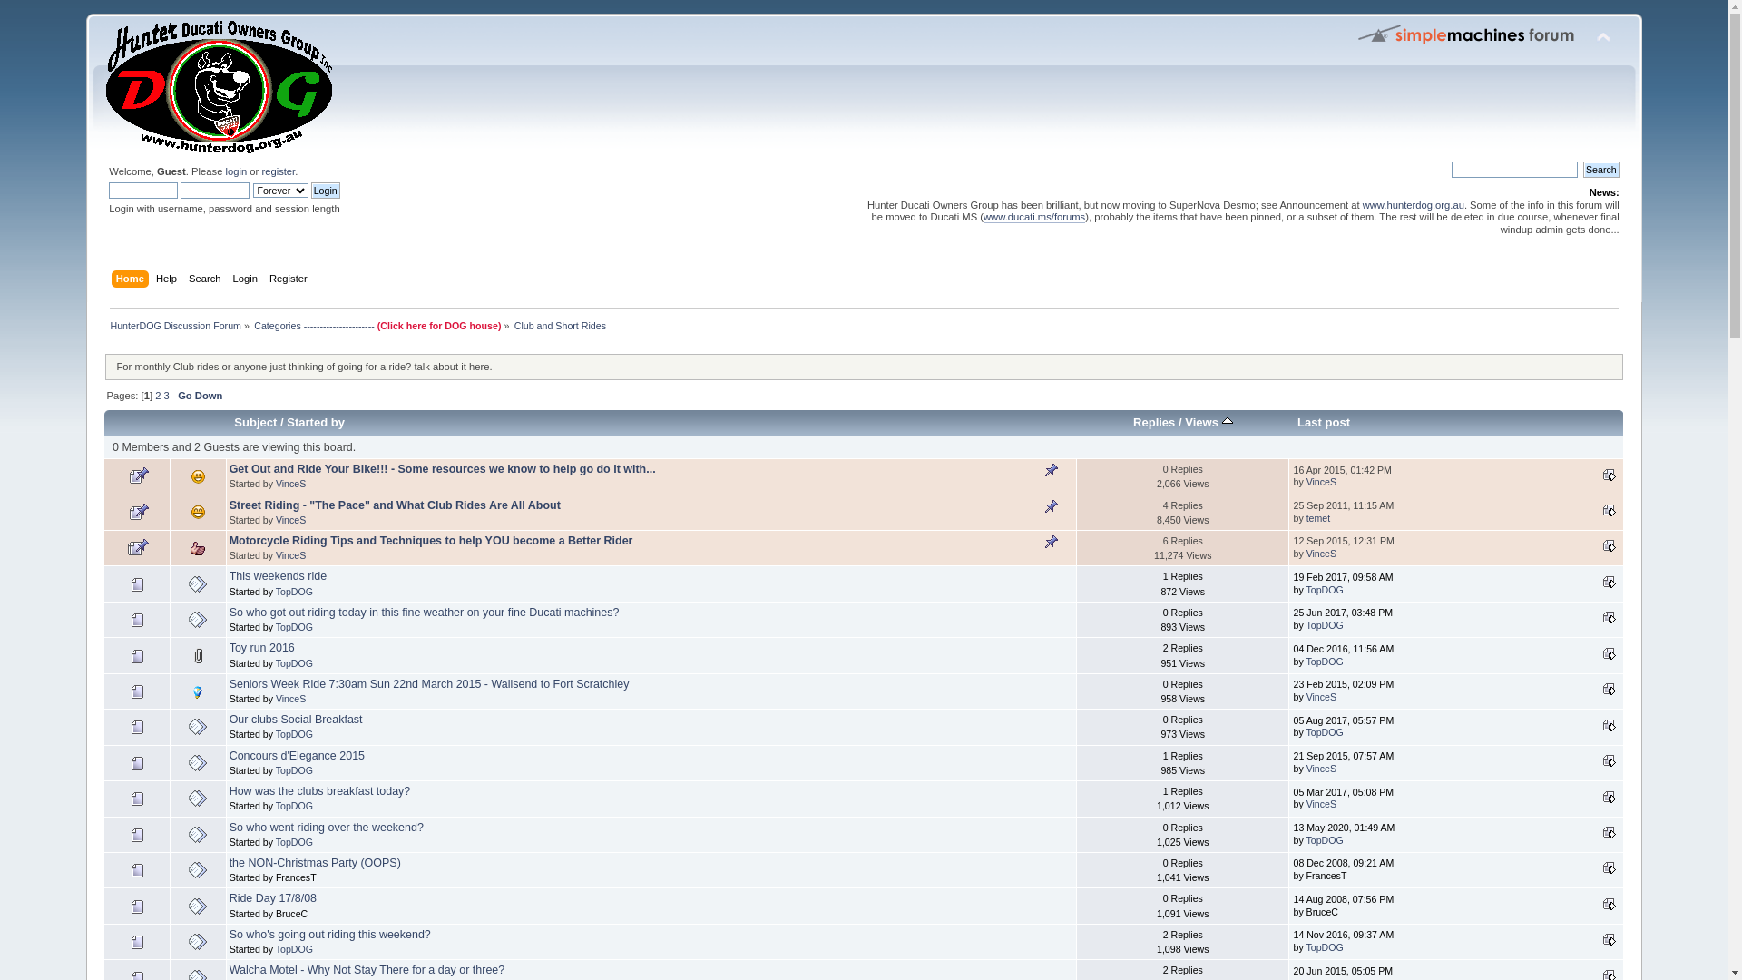 This screenshot has width=1742, height=980. I want to click on 'Last post', so click(1610, 938).